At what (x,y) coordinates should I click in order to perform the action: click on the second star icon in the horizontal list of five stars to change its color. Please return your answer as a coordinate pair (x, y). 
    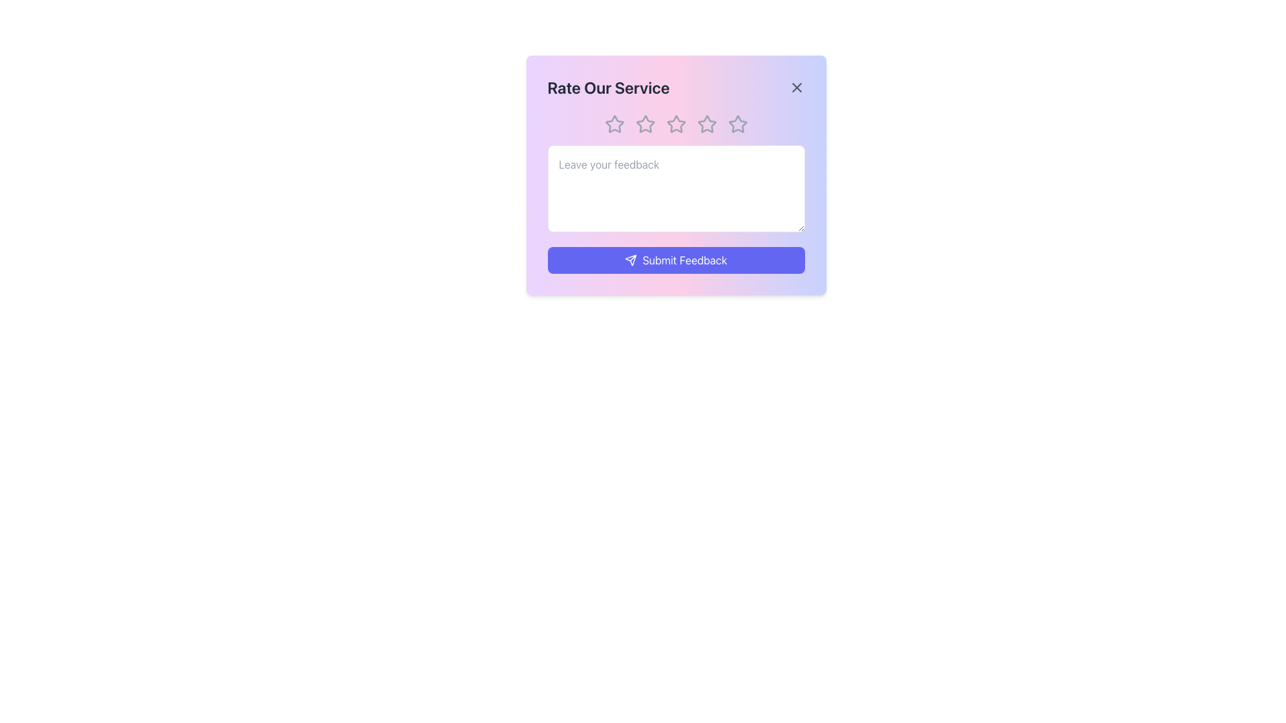
    Looking at the image, I should click on (645, 124).